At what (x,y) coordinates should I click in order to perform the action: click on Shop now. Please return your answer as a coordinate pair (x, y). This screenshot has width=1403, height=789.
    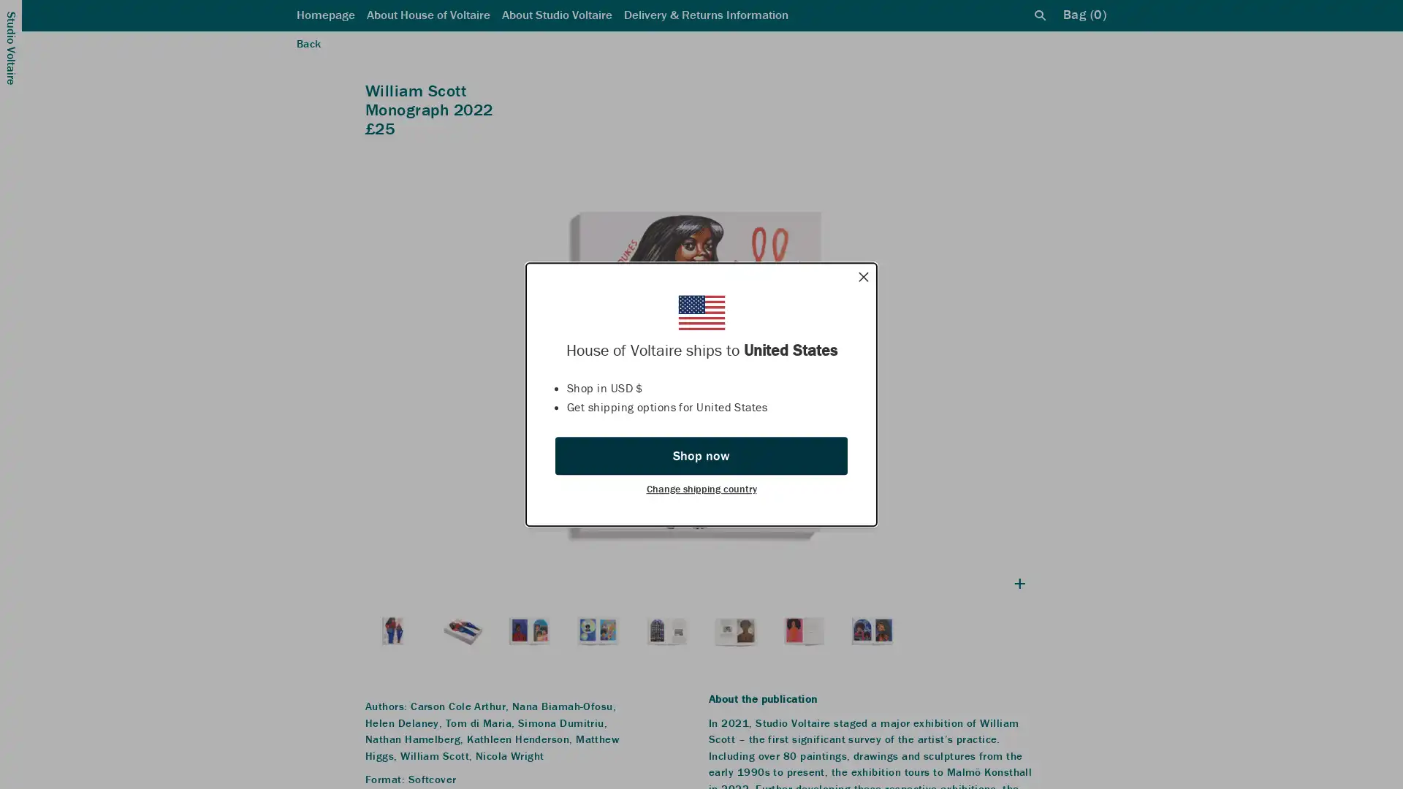
    Looking at the image, I should click on (701, 455).